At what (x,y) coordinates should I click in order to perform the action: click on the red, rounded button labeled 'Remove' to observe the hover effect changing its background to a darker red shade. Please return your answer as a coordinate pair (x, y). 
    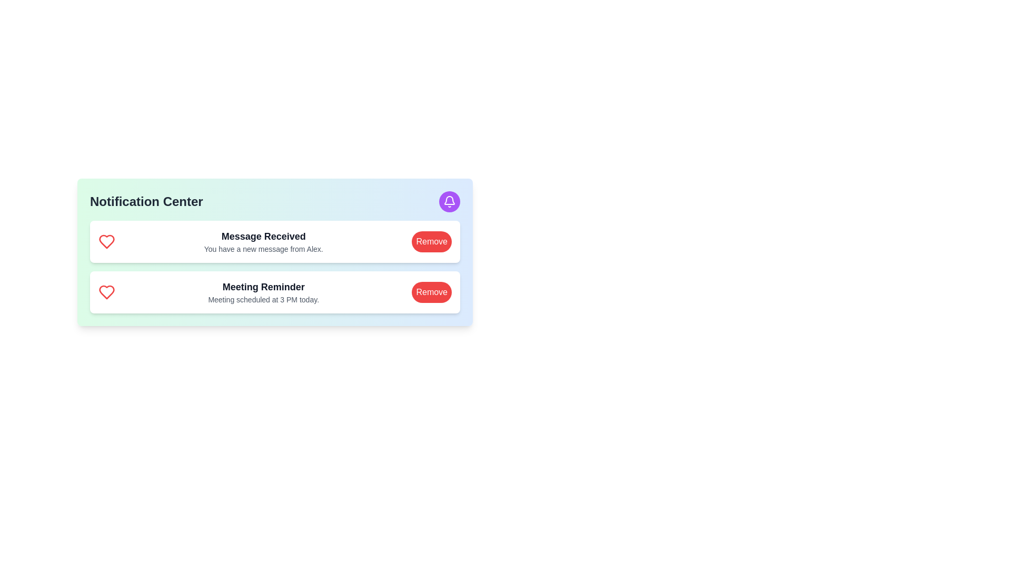
    Looking at the image, I should click on (432, 292).